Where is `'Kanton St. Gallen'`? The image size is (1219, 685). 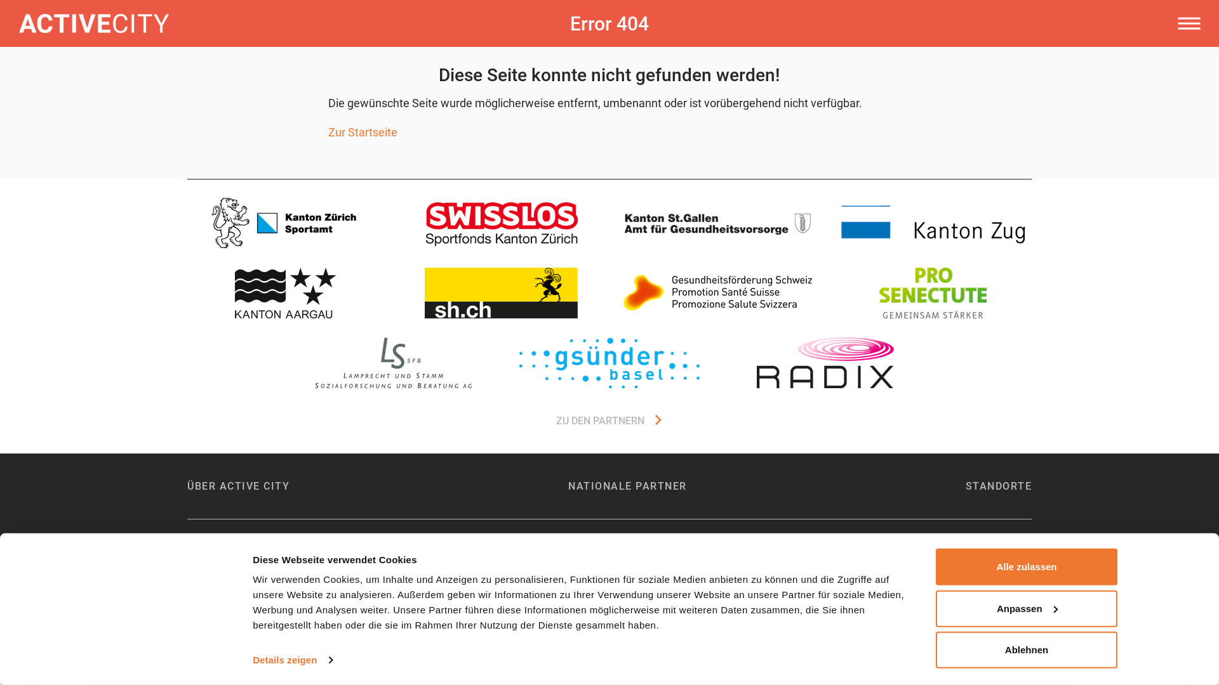
'Kanton St. Gallen' is located at coordinates (717, 222).